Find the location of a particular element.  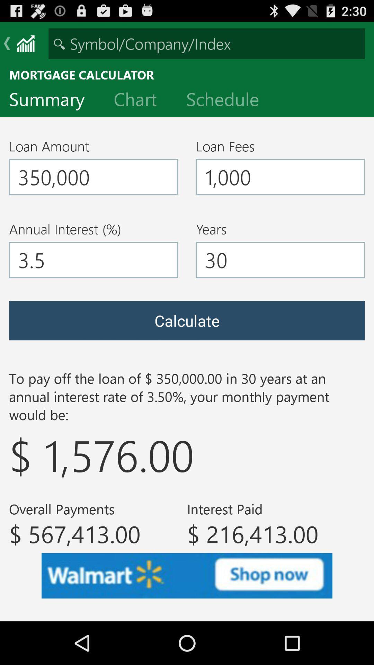

search box to type in symbol/company/index is located at coordinates (206, 43).